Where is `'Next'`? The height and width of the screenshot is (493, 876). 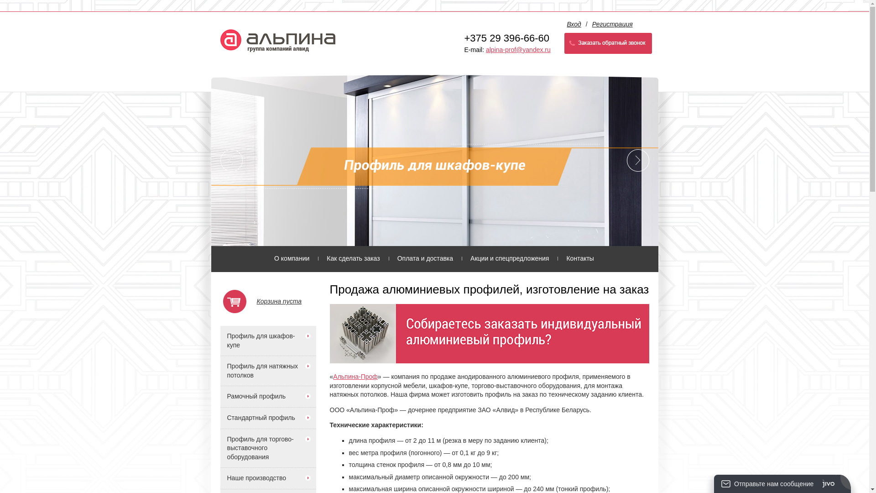 'Next' is located at coordinates (626, 160).